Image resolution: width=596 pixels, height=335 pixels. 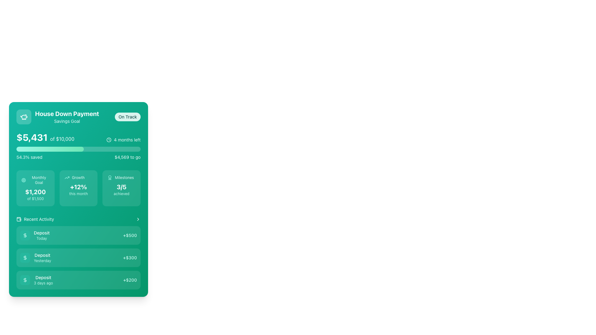 What do you see at coordinates (38, 219) in the screenshot?
I see `the 'Recent Activity' text label, which is displayed in white on a green background and located near the bottom of the savings goal card, to the right of a wallet icon` at bounding box center [38, 219].